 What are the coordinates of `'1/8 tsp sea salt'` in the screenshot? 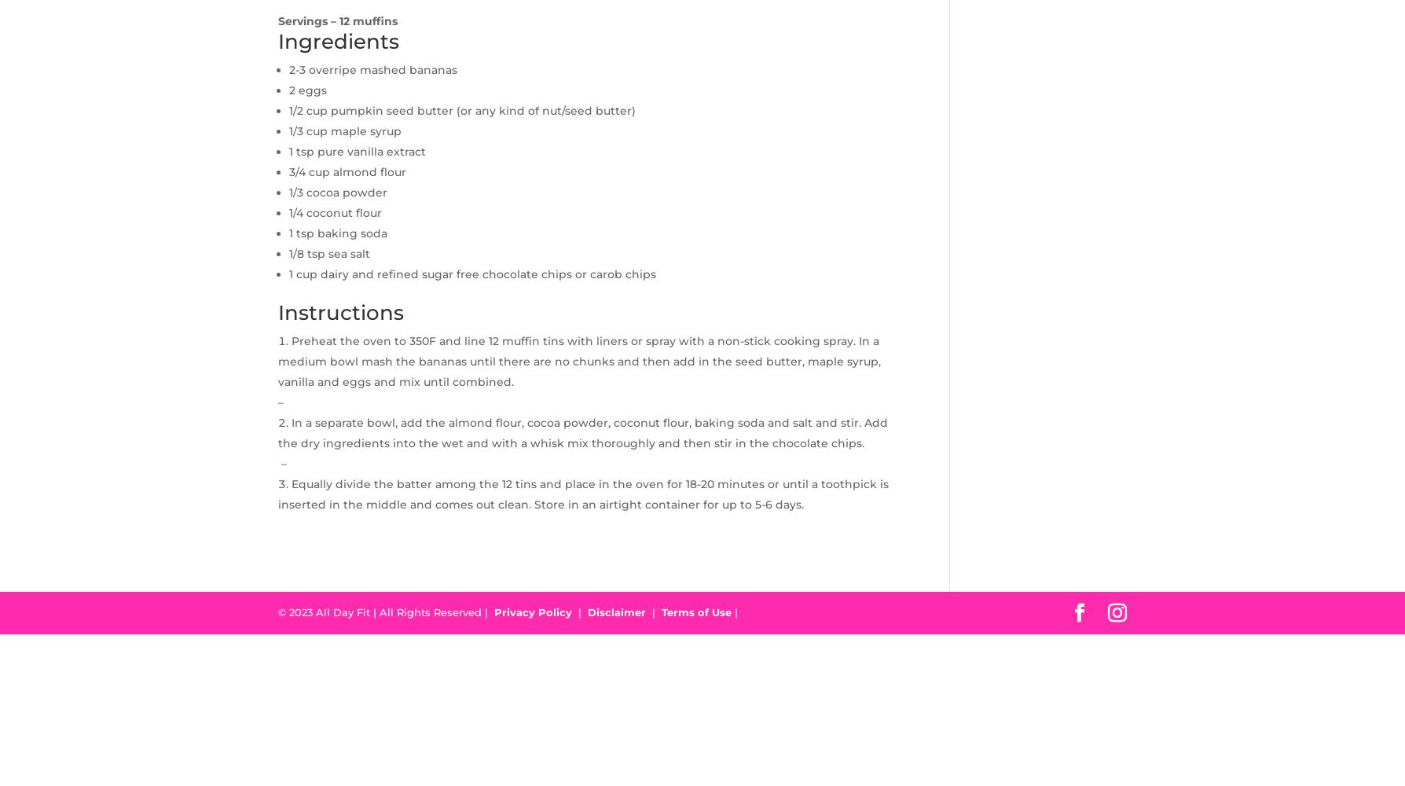 It's located at (328, 252).